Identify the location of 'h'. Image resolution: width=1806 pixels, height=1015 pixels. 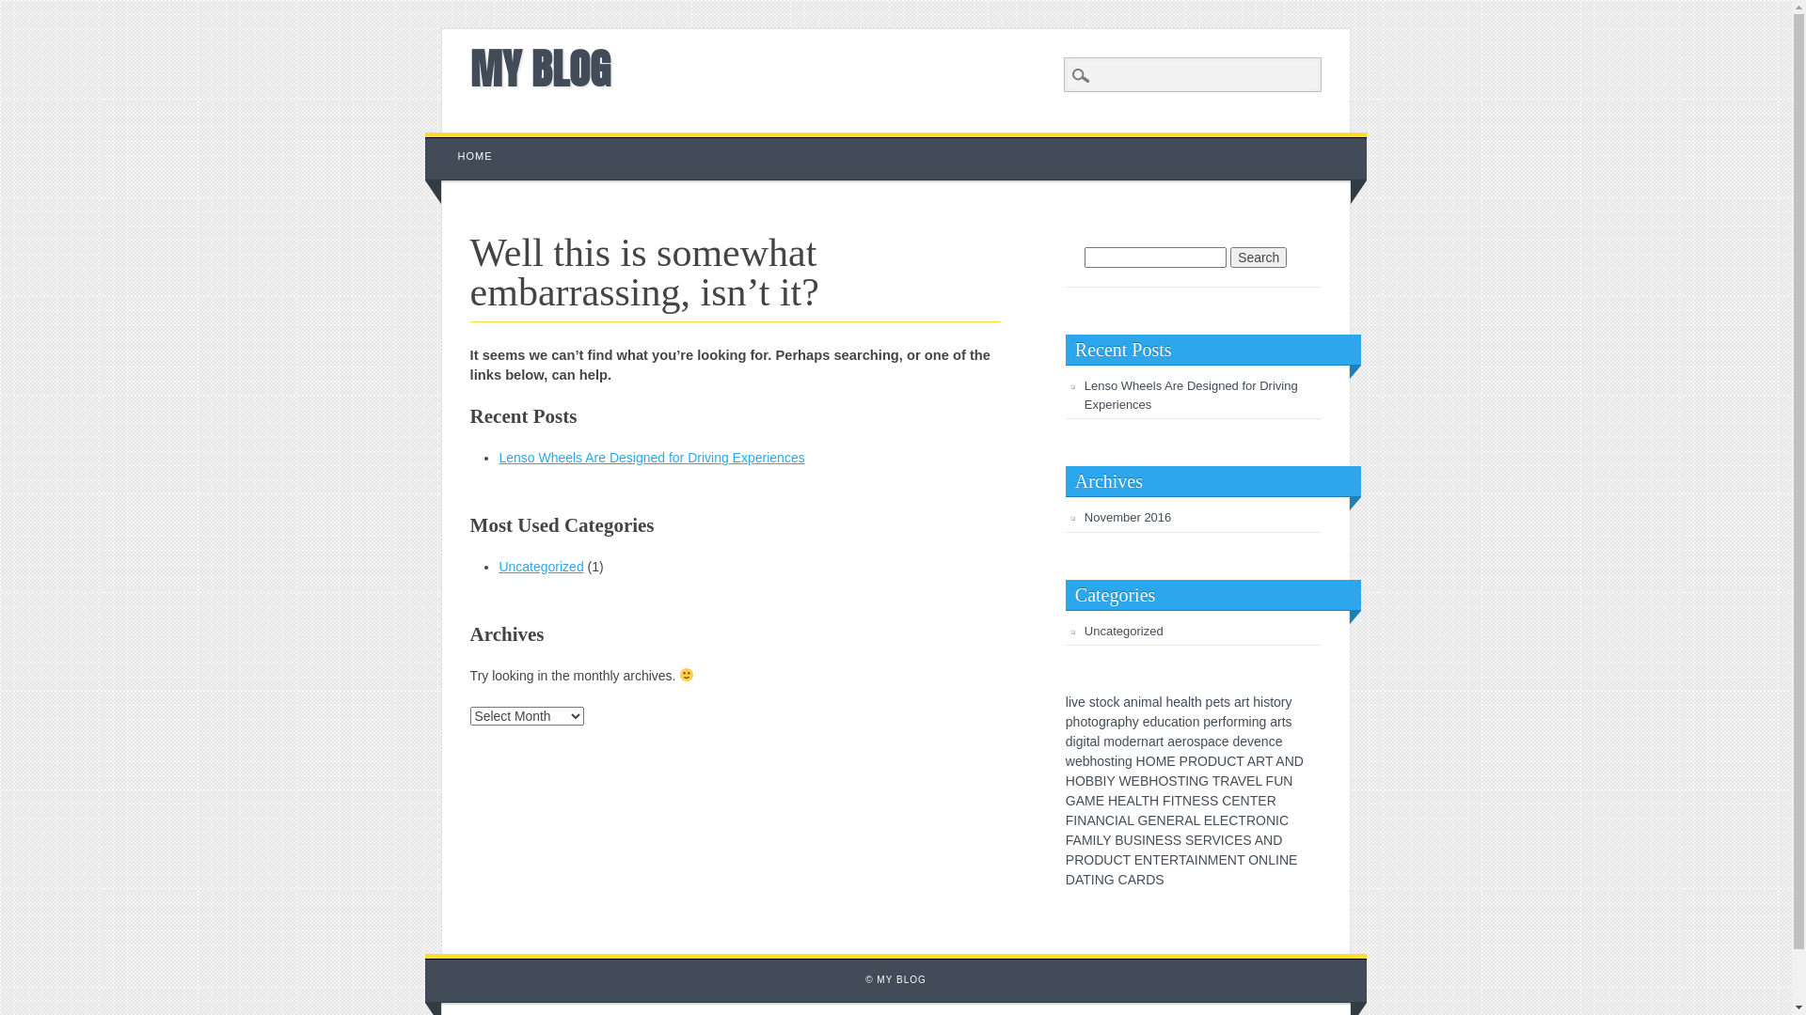
(1168, 702).